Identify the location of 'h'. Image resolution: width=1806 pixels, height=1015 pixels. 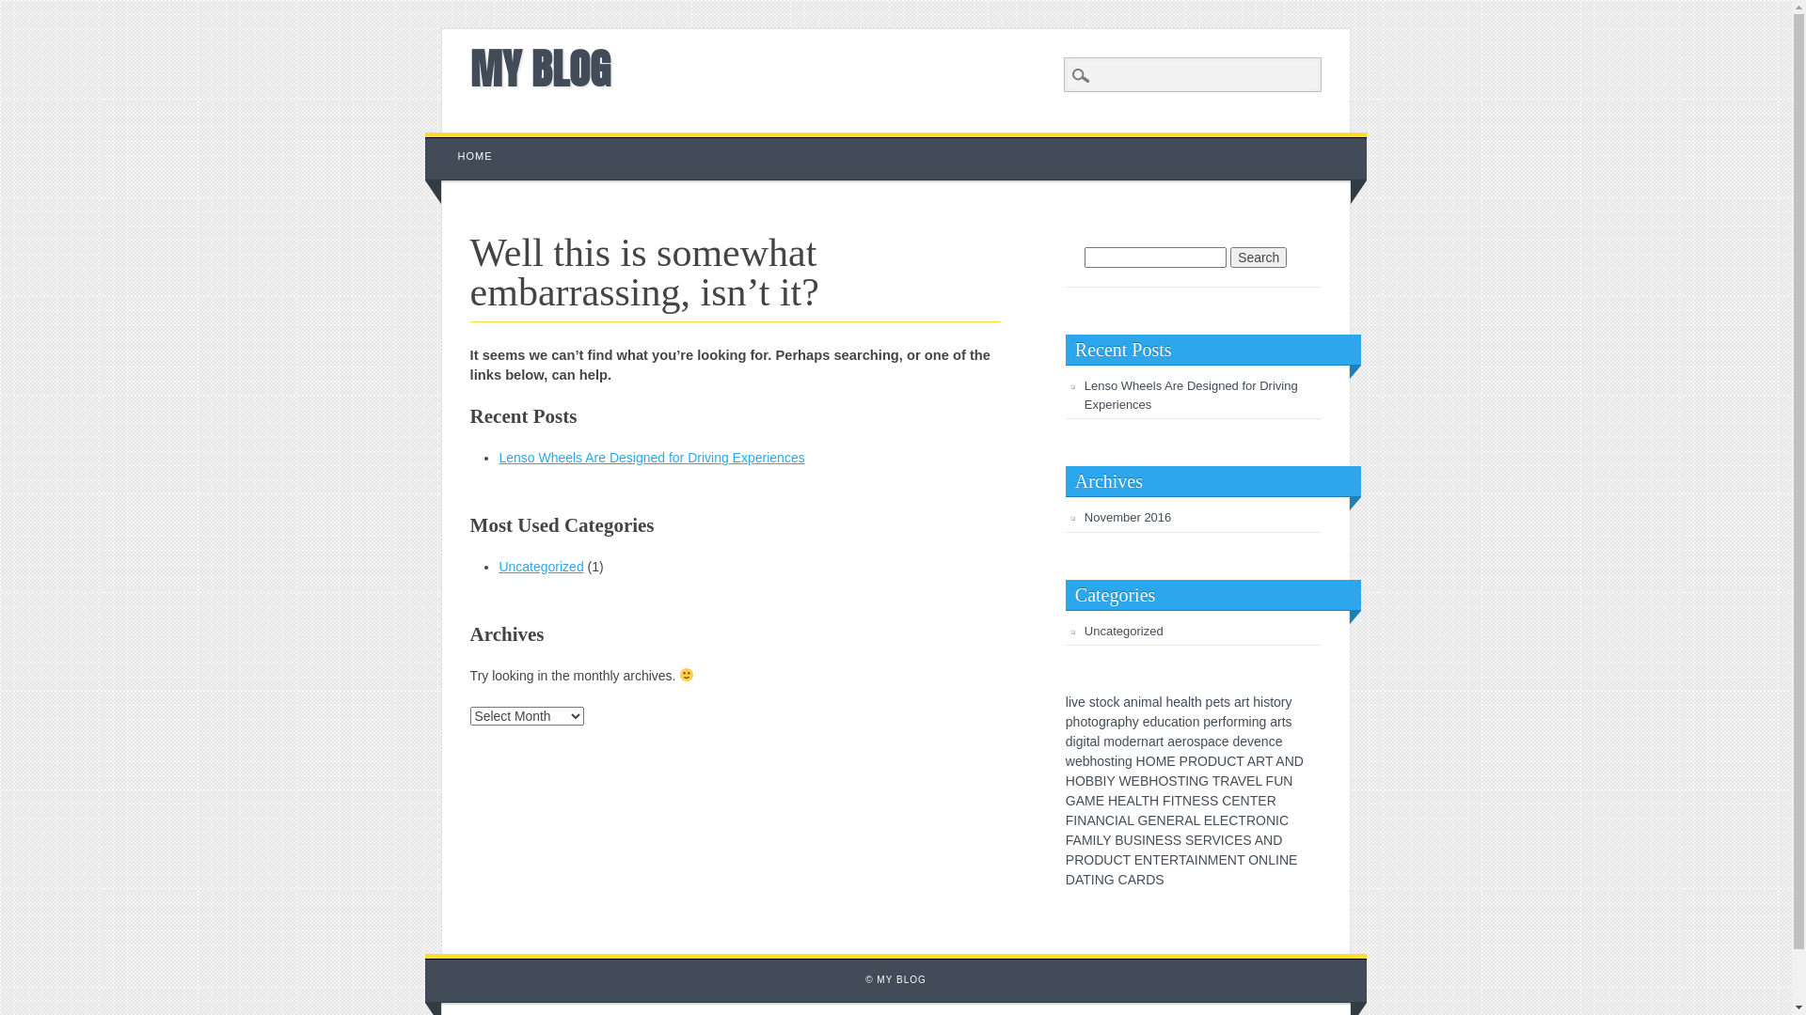
(1168, 702).